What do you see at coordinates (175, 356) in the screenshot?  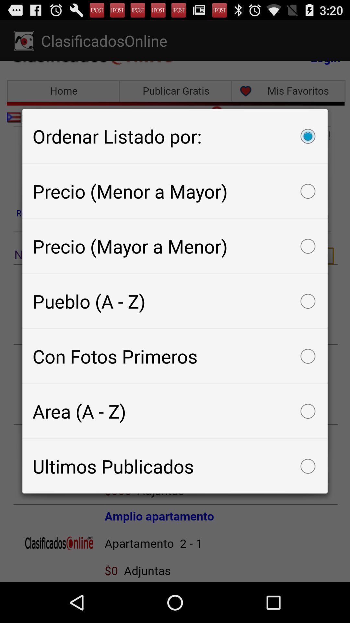 I see `the icon below the pueblo (a - z) checkbox` at bounding box center [175, 356].